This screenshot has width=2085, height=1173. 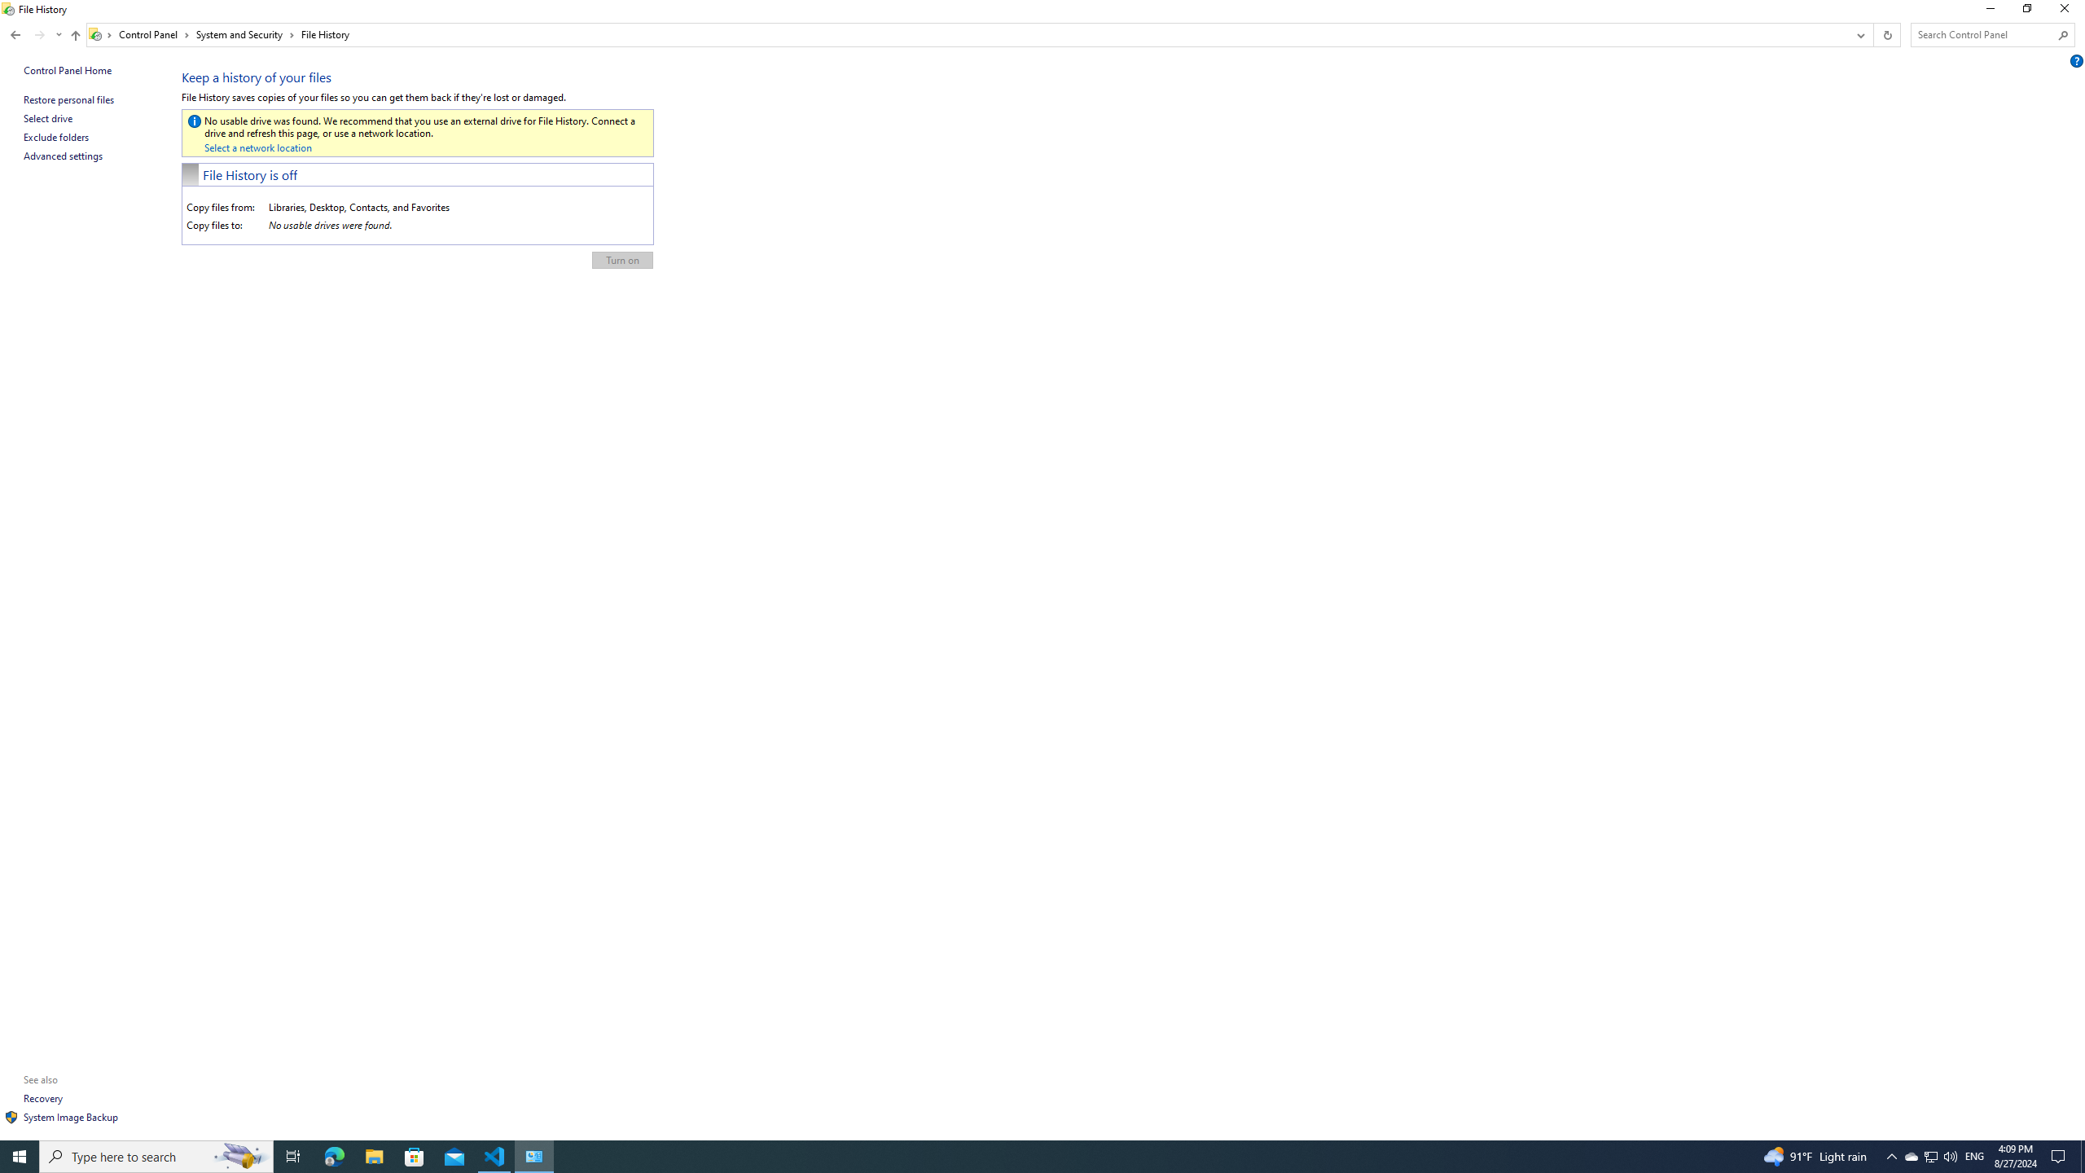 What do you see at coordinates (2078, 59) in the screenshot?
I see `'Help'` at bounding box center [2078, 59].